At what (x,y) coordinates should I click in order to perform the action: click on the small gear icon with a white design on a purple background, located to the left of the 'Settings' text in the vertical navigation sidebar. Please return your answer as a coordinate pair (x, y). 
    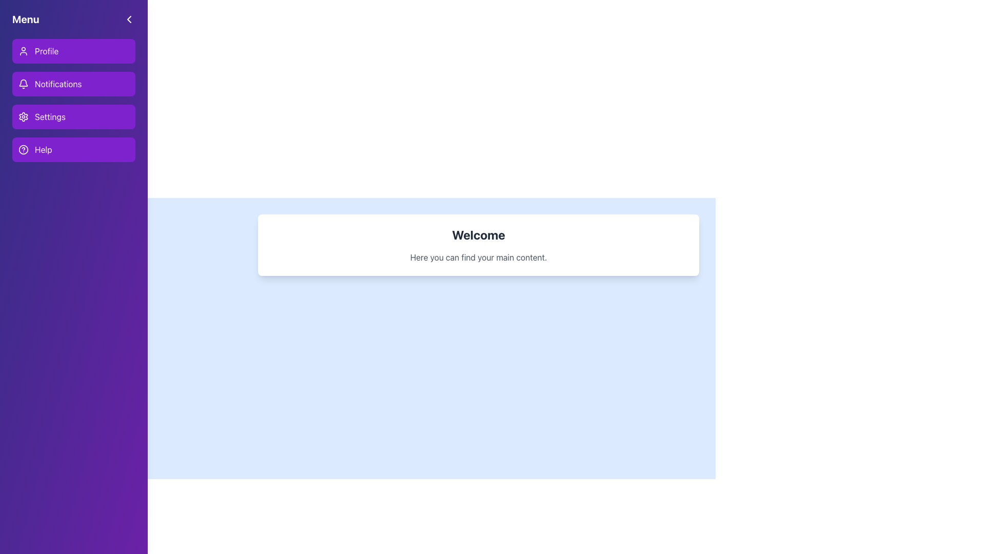
    Looking at the image, I should click on (24, 116).